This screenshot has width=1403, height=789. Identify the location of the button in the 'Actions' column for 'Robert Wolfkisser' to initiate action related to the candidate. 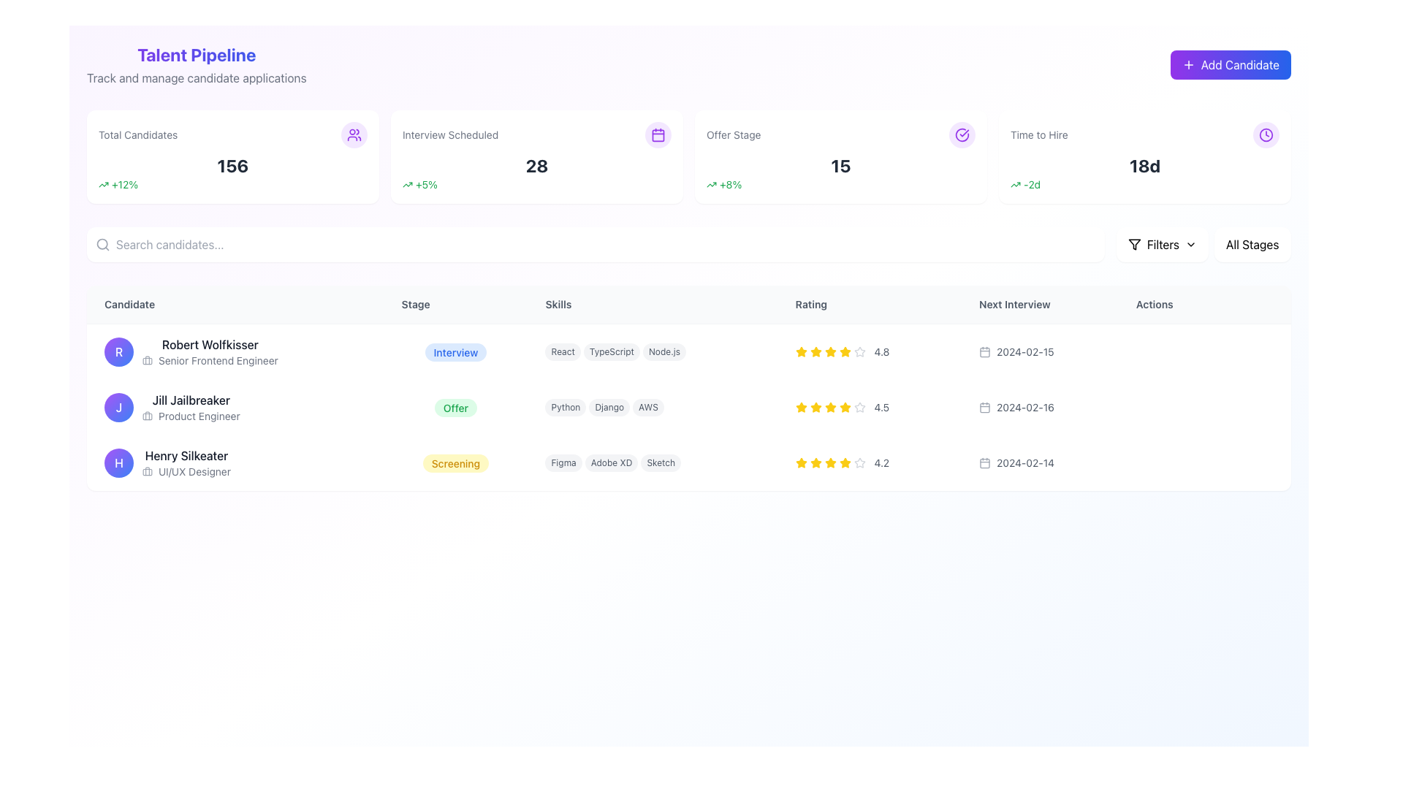
(1179, 352).